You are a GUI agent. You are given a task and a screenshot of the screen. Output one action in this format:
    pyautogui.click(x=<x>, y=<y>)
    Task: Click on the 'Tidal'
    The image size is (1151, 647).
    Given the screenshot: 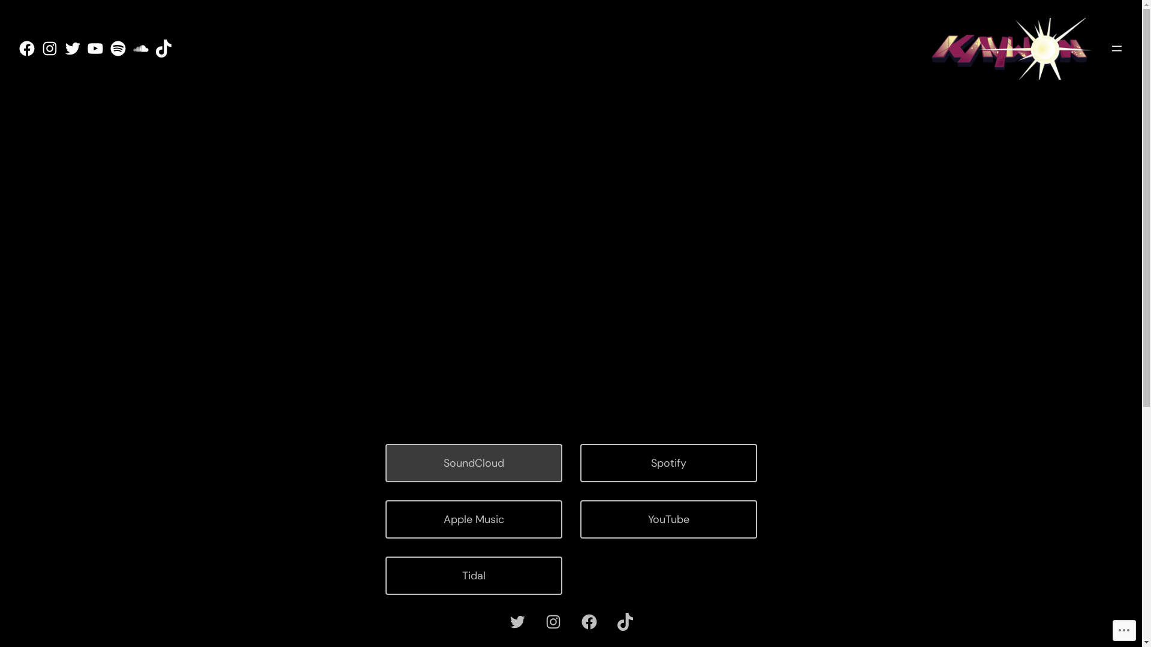 What is the action you would take?
    pyautogui.click(x=472, y=575)
    